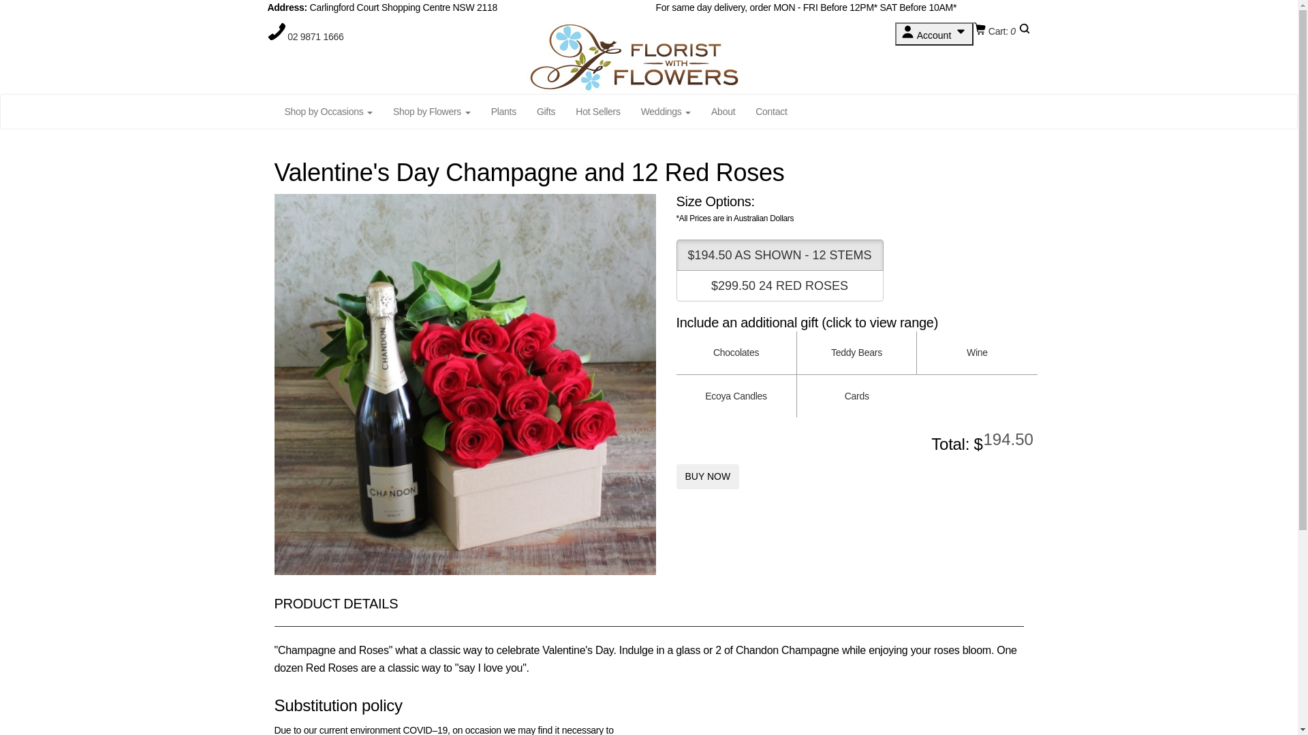 The height and width of the screenshot is (735, 1308). I want to click on '02 9871 1666', so click(314, 36).